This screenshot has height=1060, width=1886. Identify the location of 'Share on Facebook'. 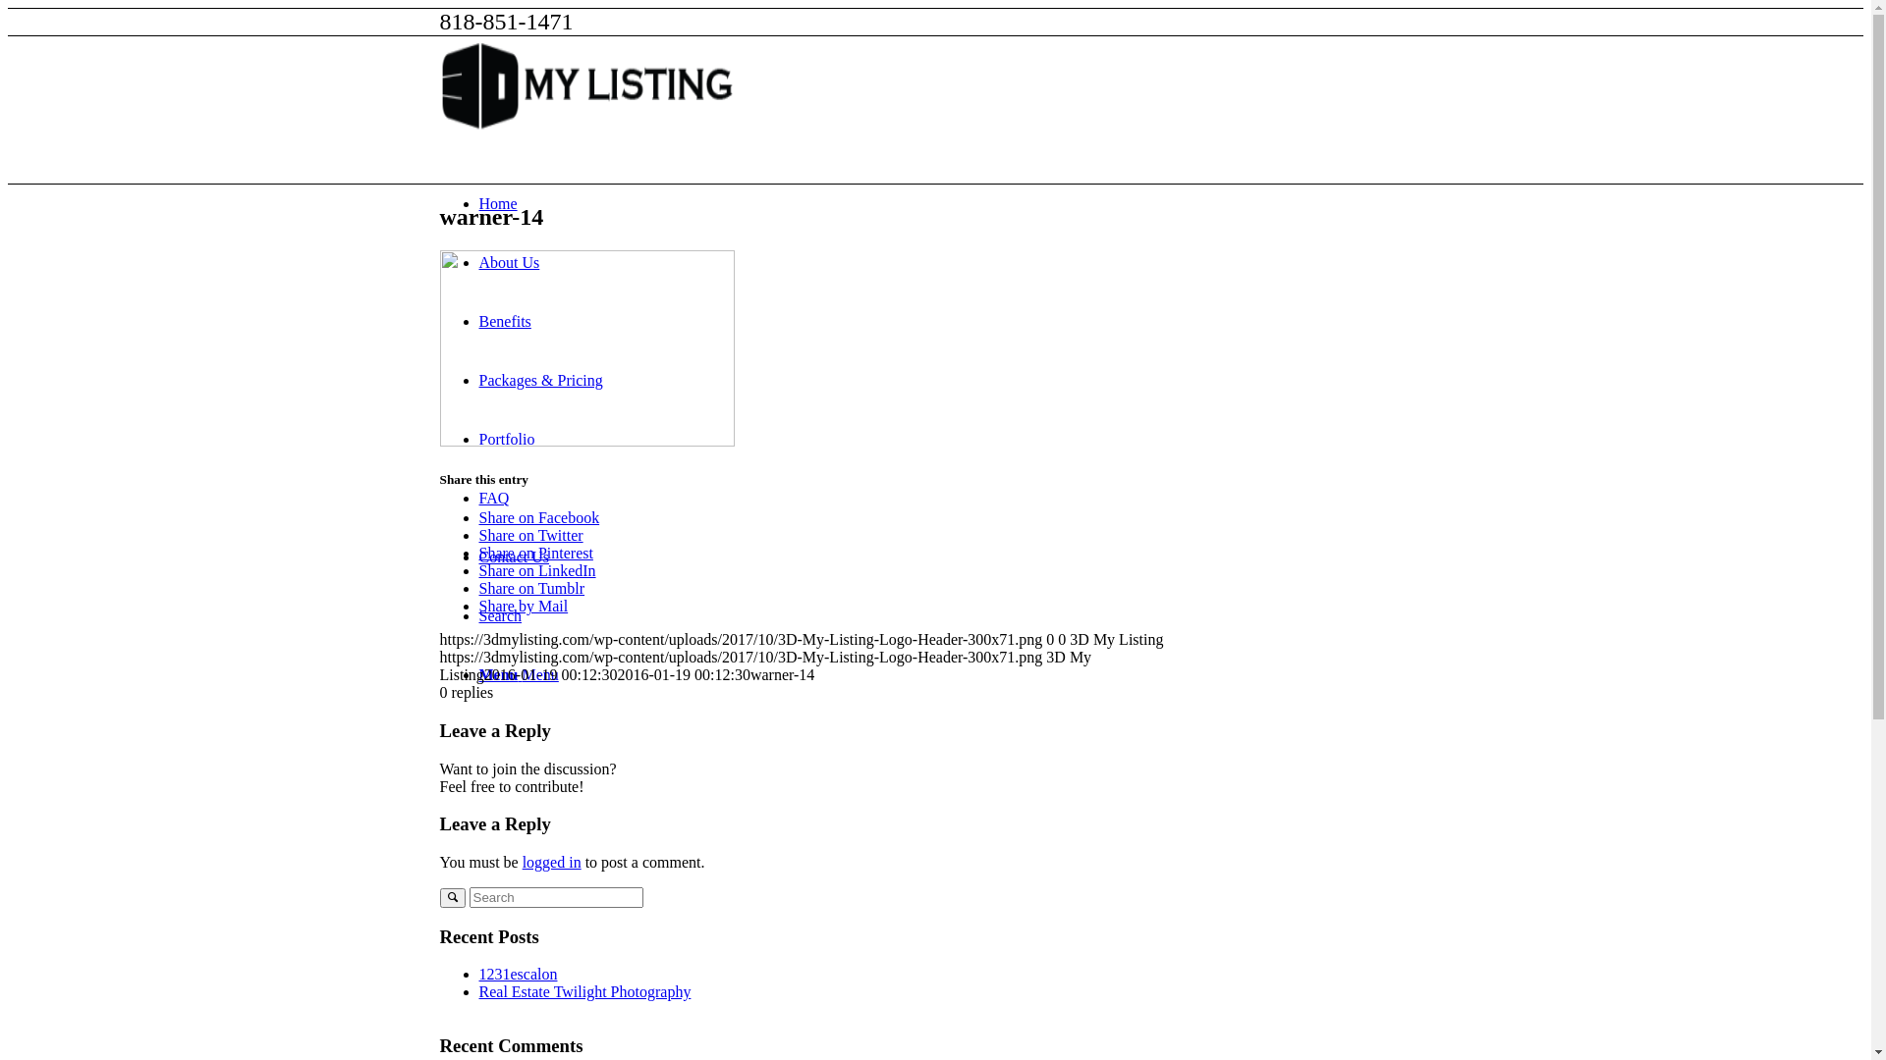
(539, 516).